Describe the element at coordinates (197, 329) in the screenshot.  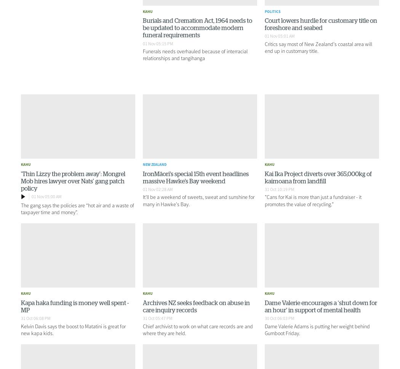
I see `'Chief archivist to work on what care records are and where they are held.'` at that location.